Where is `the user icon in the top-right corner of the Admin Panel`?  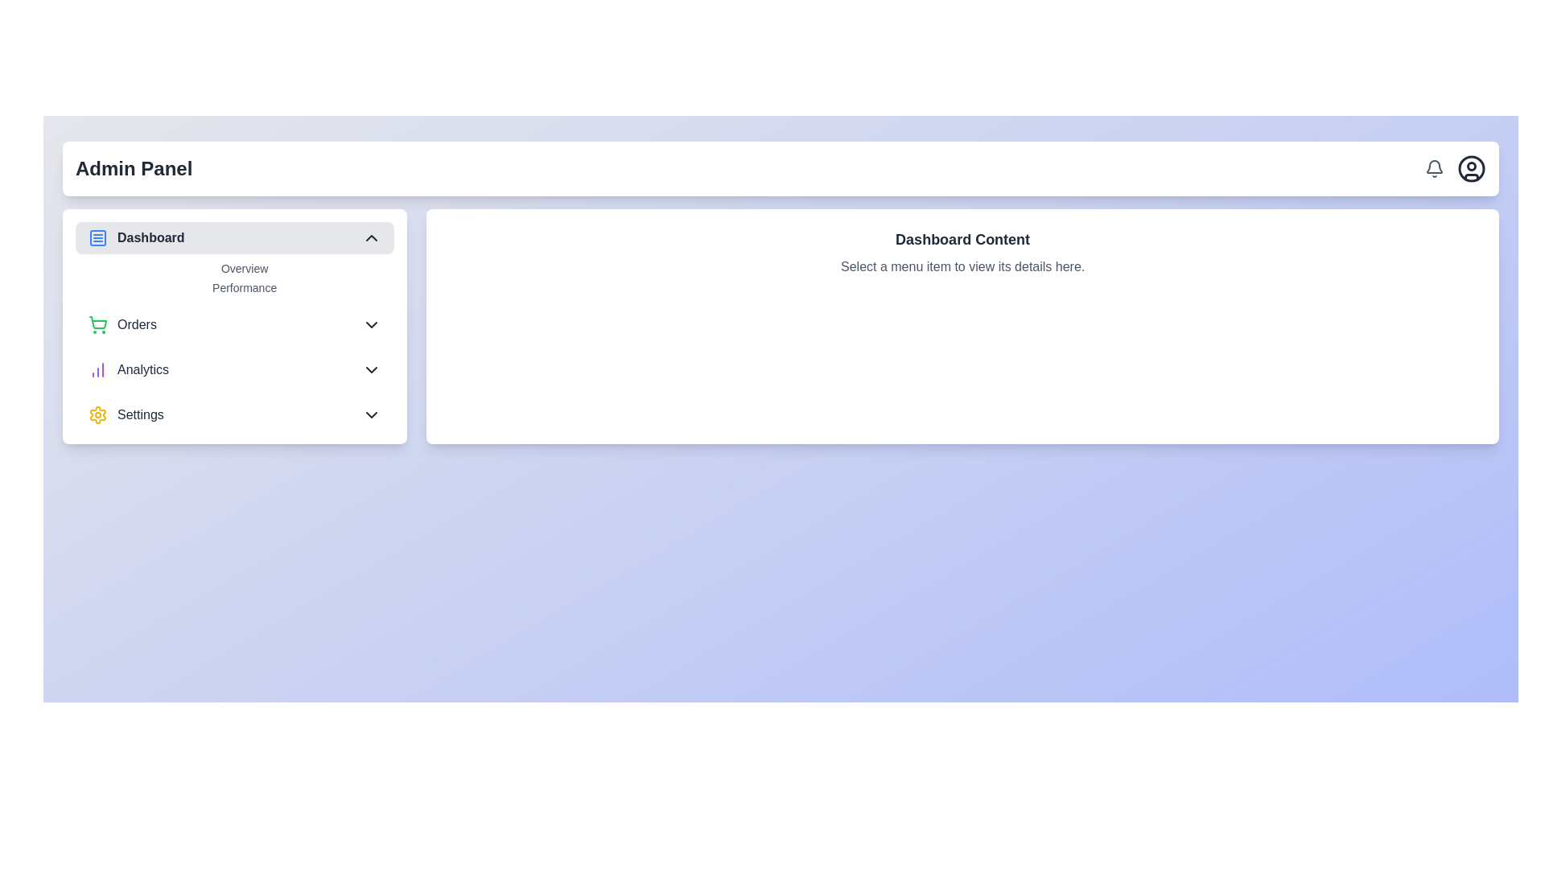
the user icon in the top-right corner of the Admin Panel is located at coordinates (1456, 168).